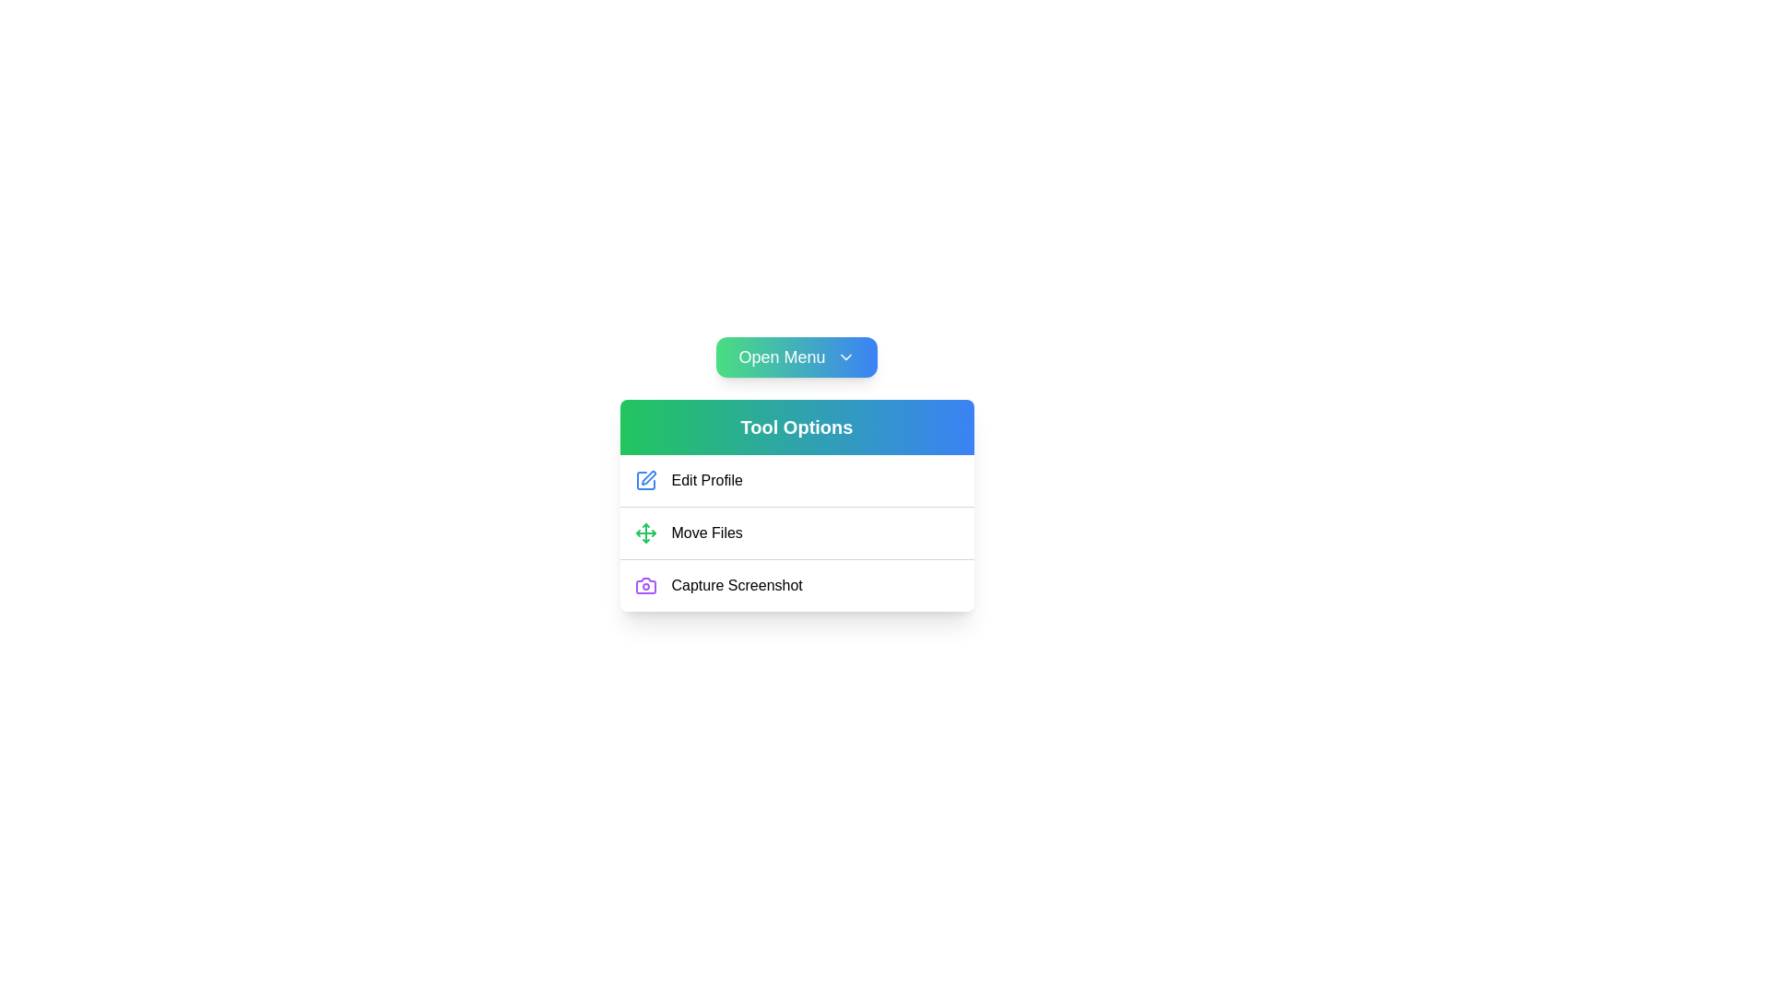  What do you see at coordinates (645, 479) in the screenshot?
I see `the editing function icon located to the left of the 'Edit Profile' text in the 'Tool Options' menu` at bounding box center [645, 479].